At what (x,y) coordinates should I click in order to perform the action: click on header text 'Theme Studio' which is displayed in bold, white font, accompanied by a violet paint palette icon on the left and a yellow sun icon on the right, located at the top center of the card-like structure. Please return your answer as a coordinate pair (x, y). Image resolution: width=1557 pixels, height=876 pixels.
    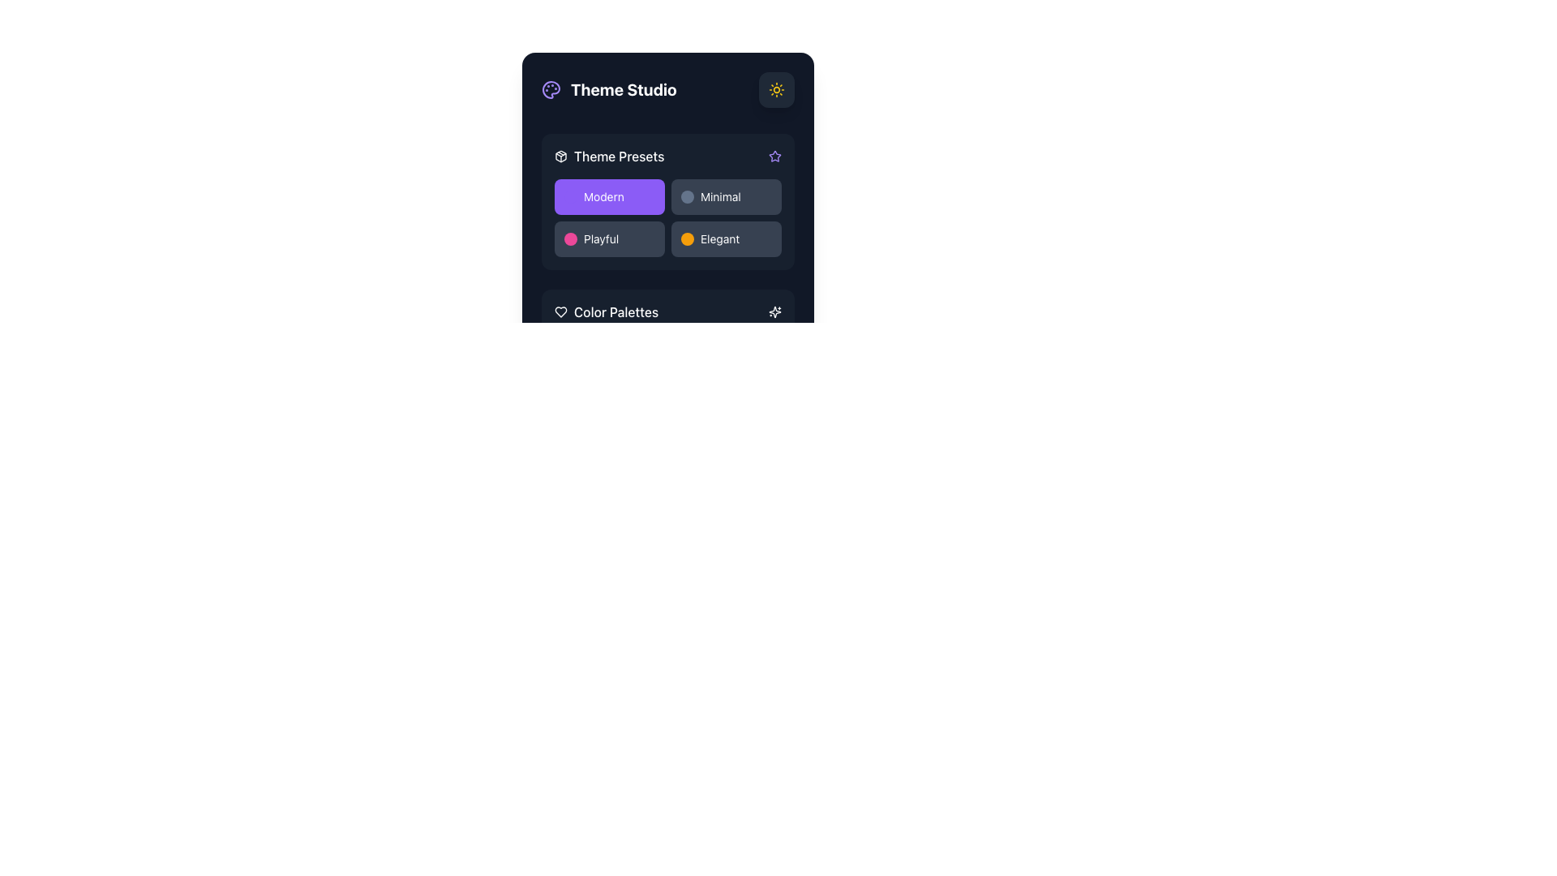
    Looking at the image, I should click on (668, 90).